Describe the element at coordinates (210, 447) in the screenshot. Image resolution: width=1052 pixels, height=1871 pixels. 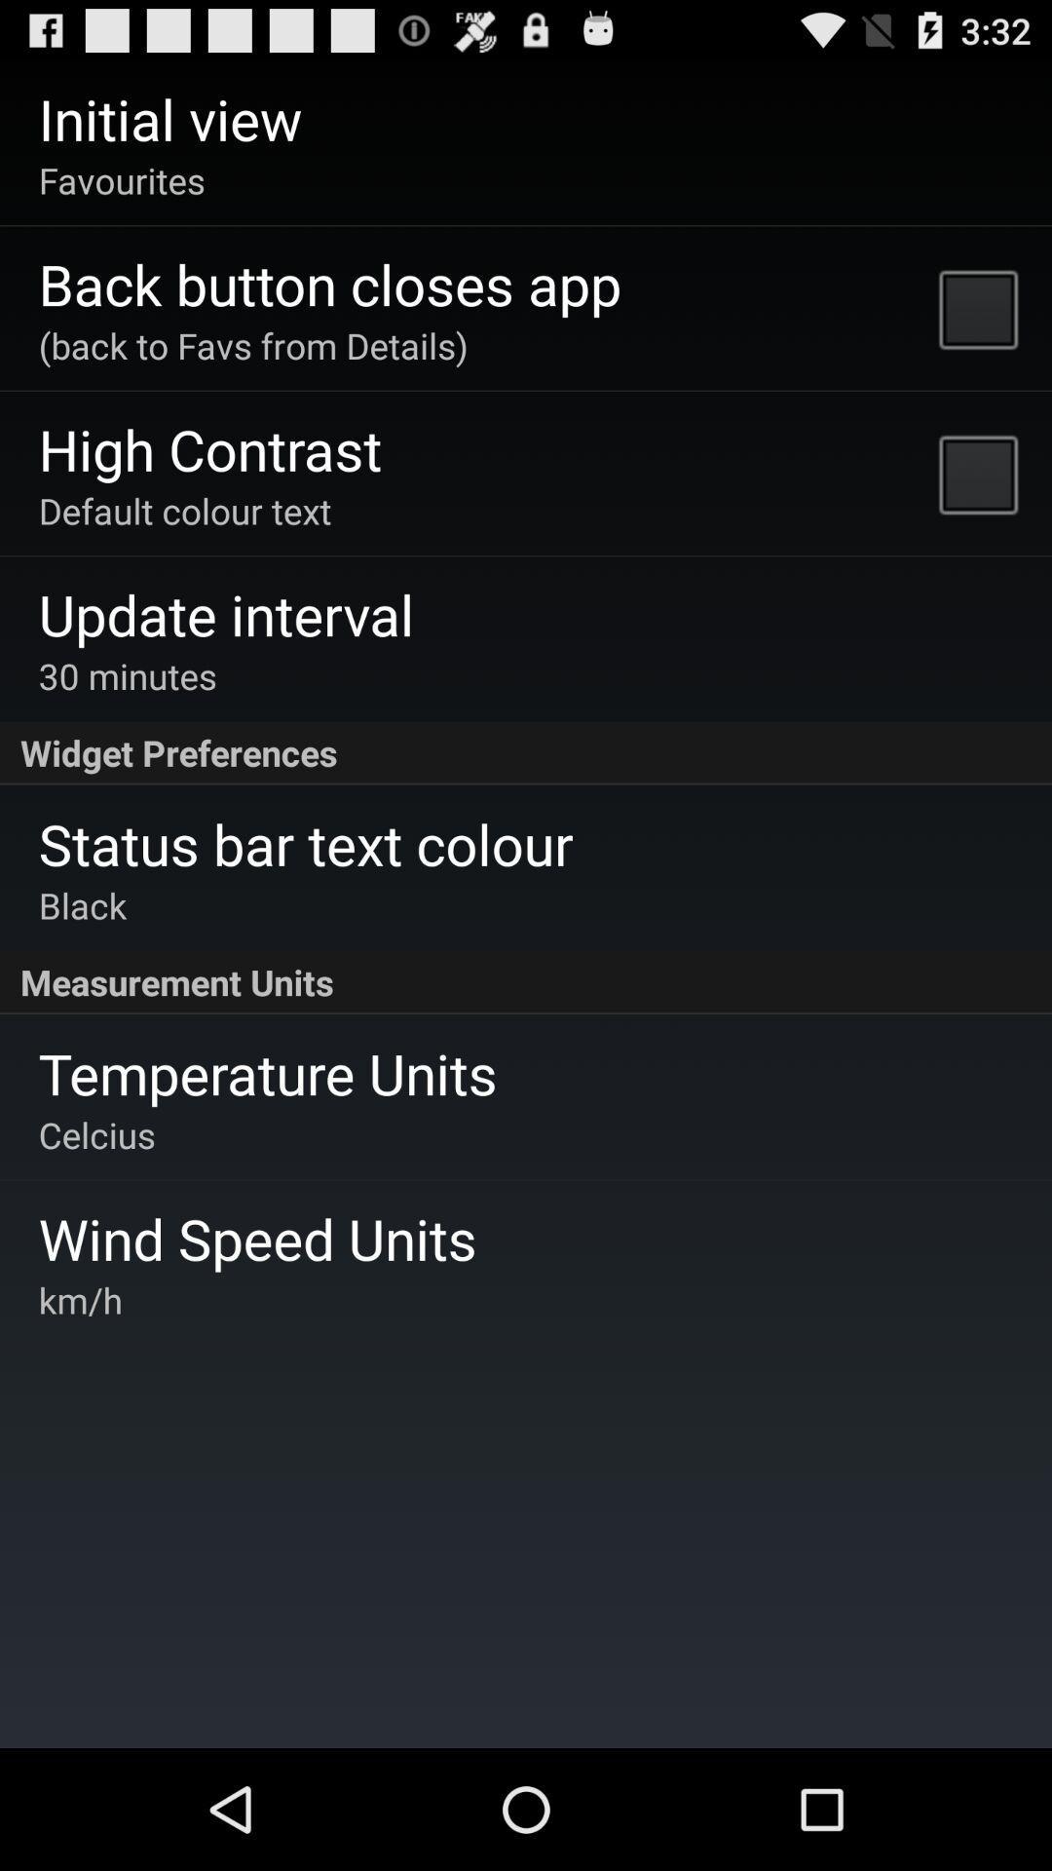
I see `the high contrast app` at that location.